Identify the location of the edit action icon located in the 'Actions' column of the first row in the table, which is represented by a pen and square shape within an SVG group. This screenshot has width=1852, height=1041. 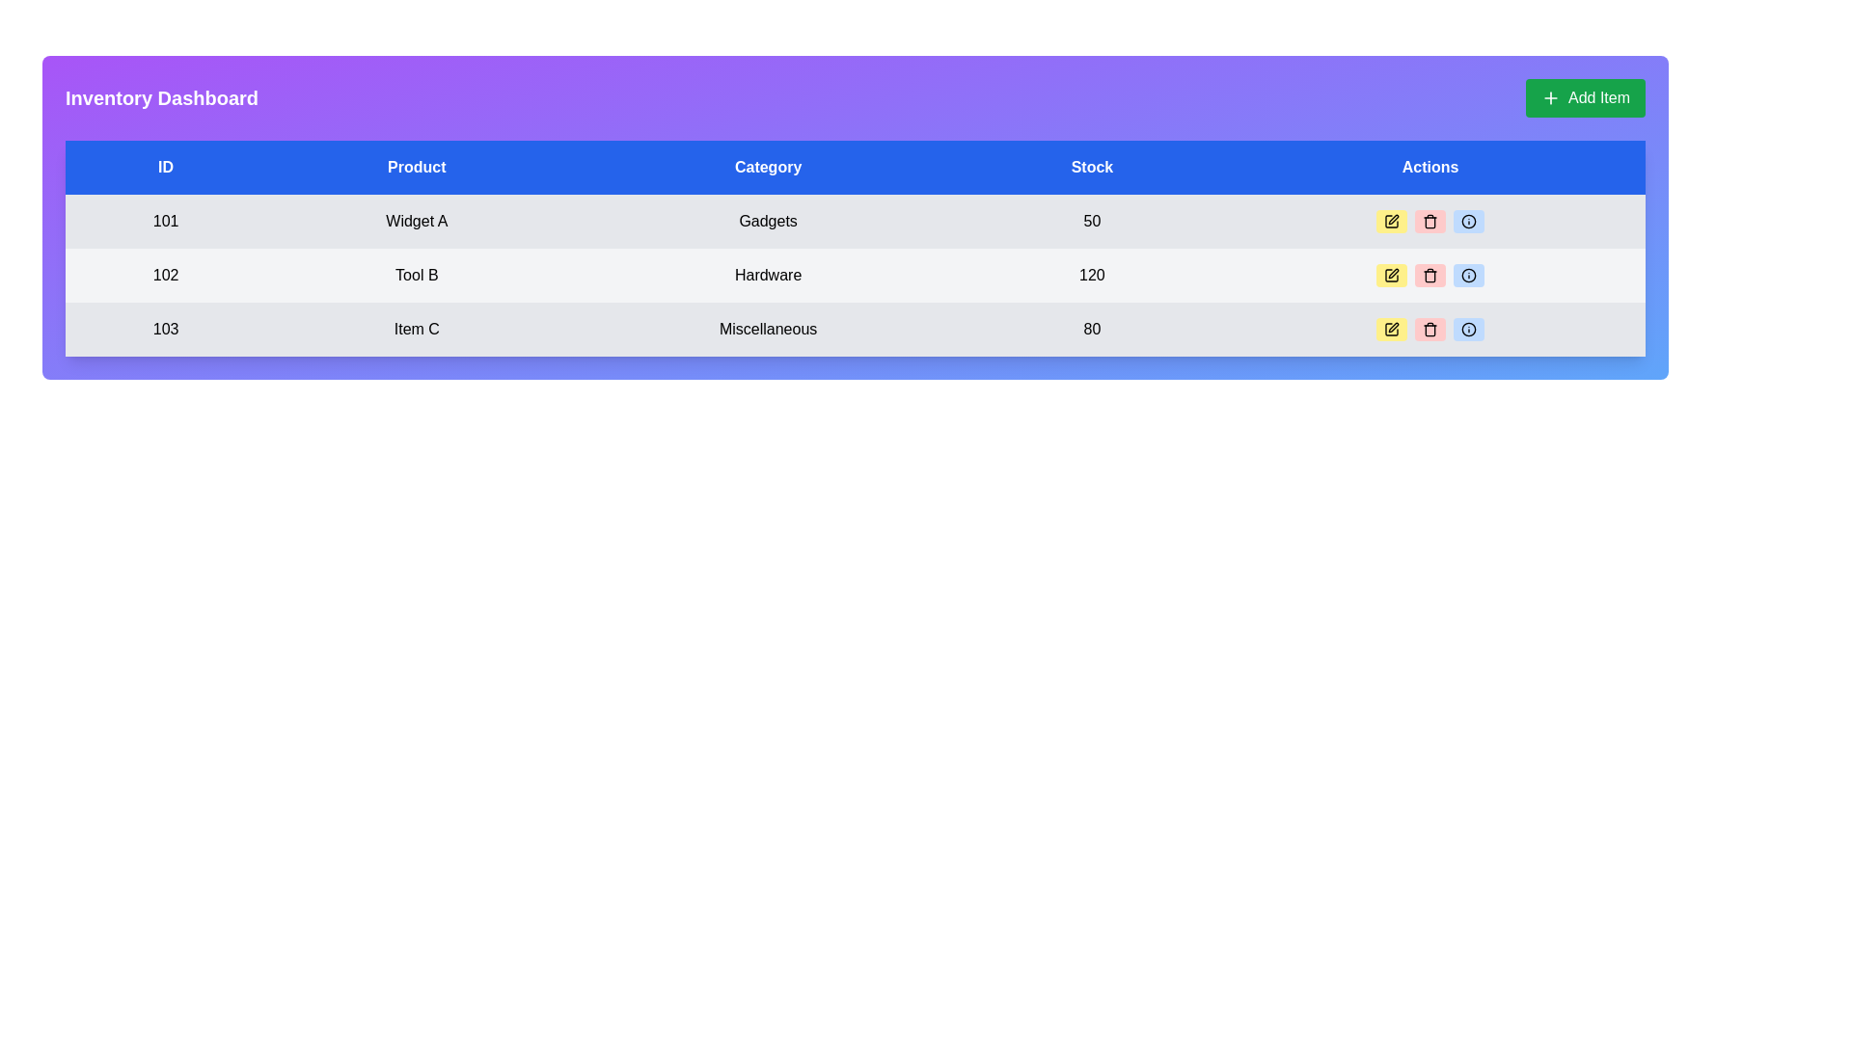
(1392, 221).